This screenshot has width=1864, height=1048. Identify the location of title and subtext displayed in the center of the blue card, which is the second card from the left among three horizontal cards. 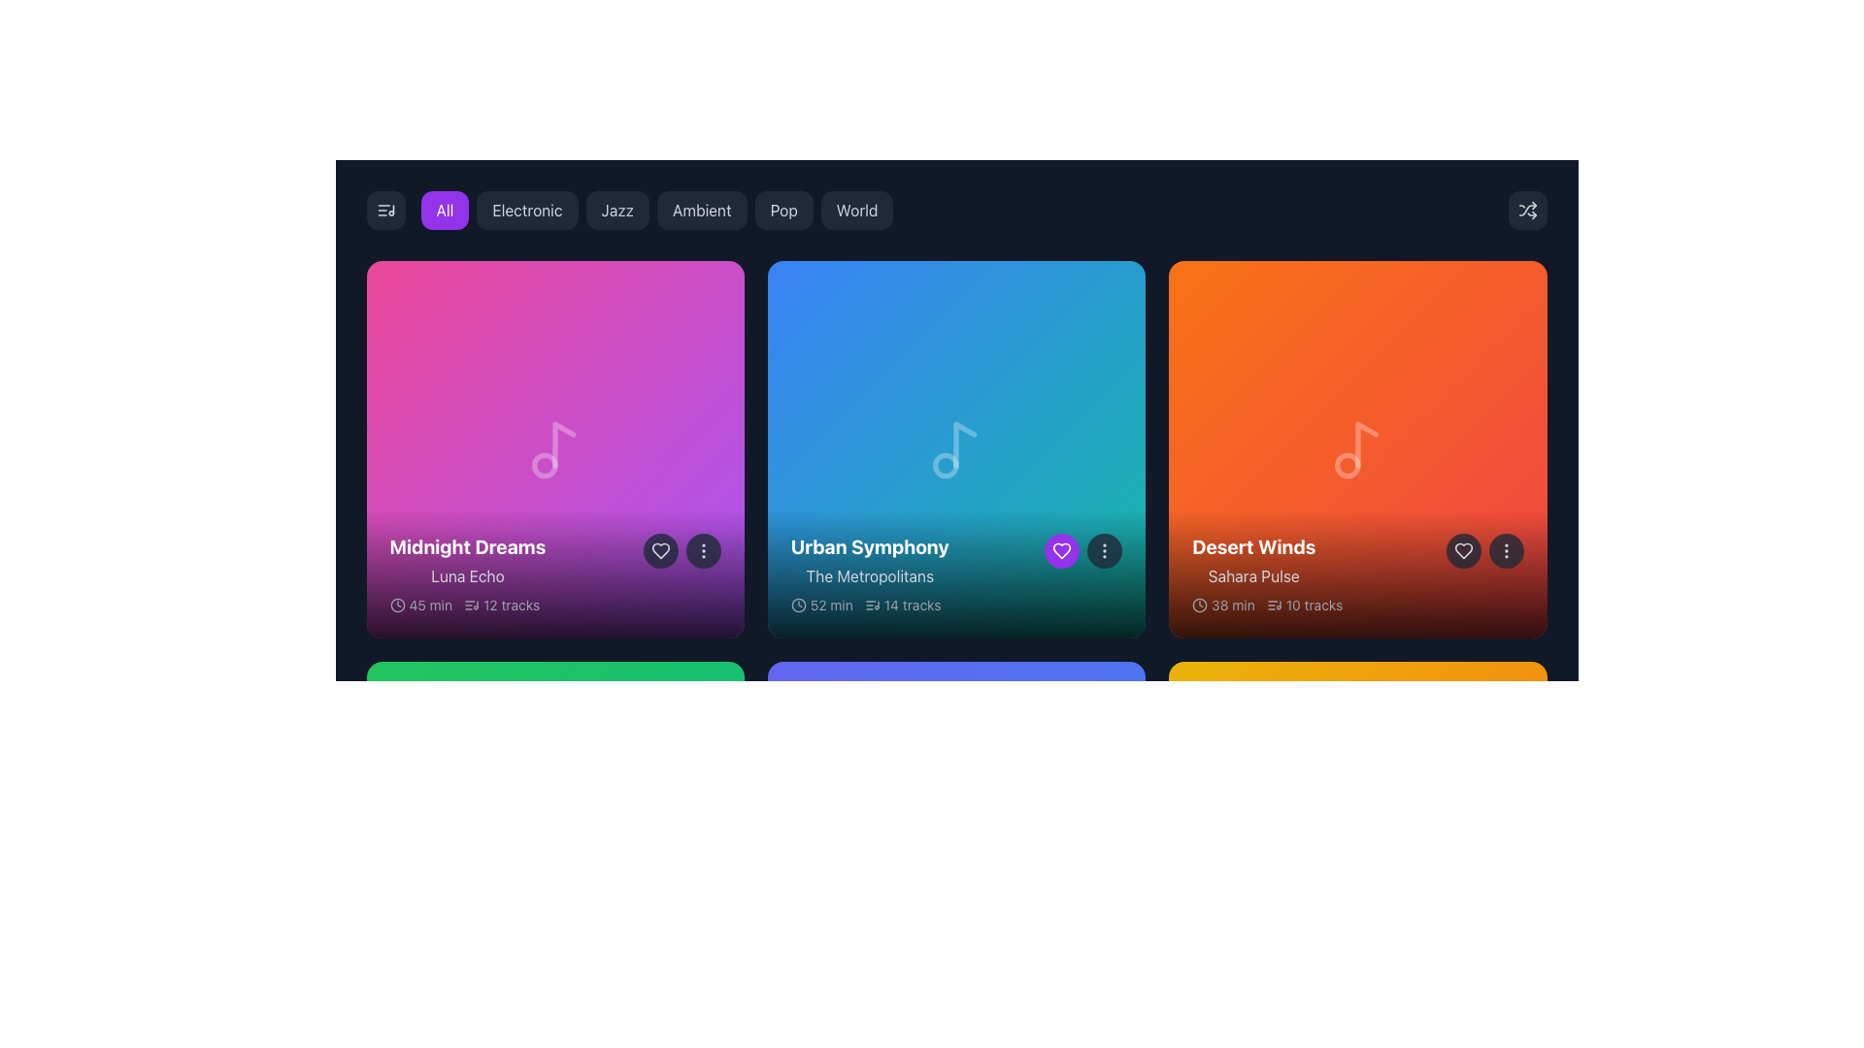
(869, 561).